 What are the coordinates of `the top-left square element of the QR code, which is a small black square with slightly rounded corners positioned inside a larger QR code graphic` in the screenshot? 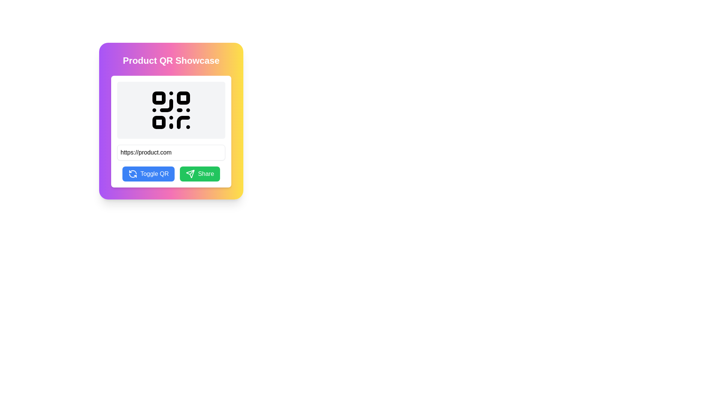 It's located at (158, 97).